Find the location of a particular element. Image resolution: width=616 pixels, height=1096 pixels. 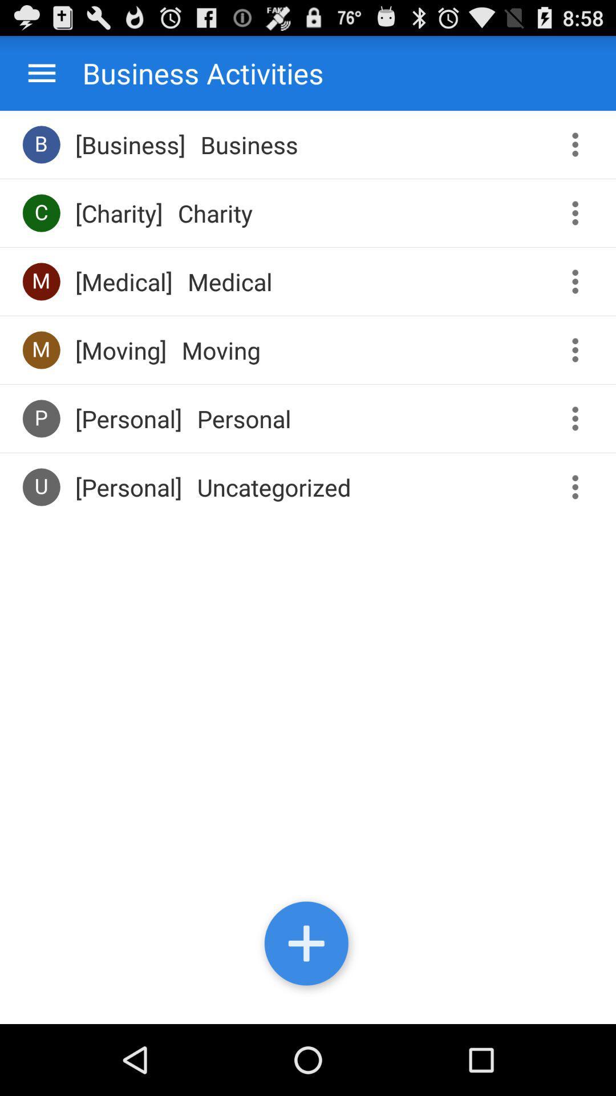

get more options is located at coordinates (579, 144).